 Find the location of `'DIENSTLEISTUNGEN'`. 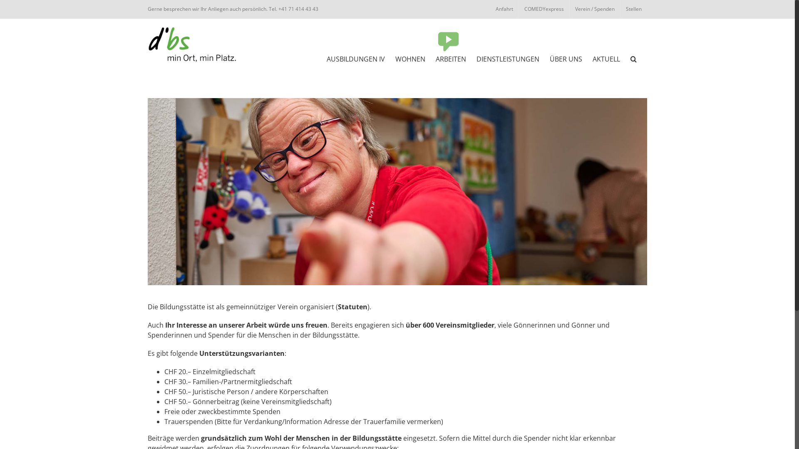

'DIENSTLEISTUNGEN' is located at coordinates (507, 57).